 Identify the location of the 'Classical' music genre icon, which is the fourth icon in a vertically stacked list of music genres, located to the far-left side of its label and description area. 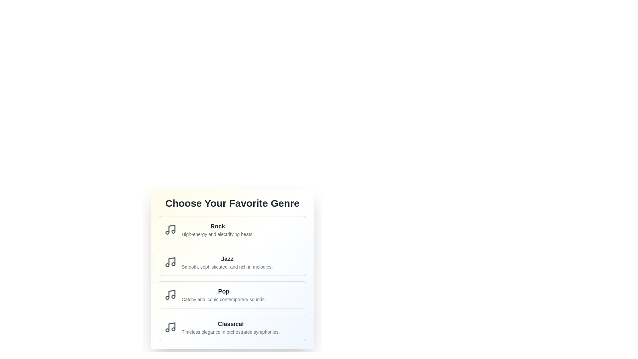
(170, 327).